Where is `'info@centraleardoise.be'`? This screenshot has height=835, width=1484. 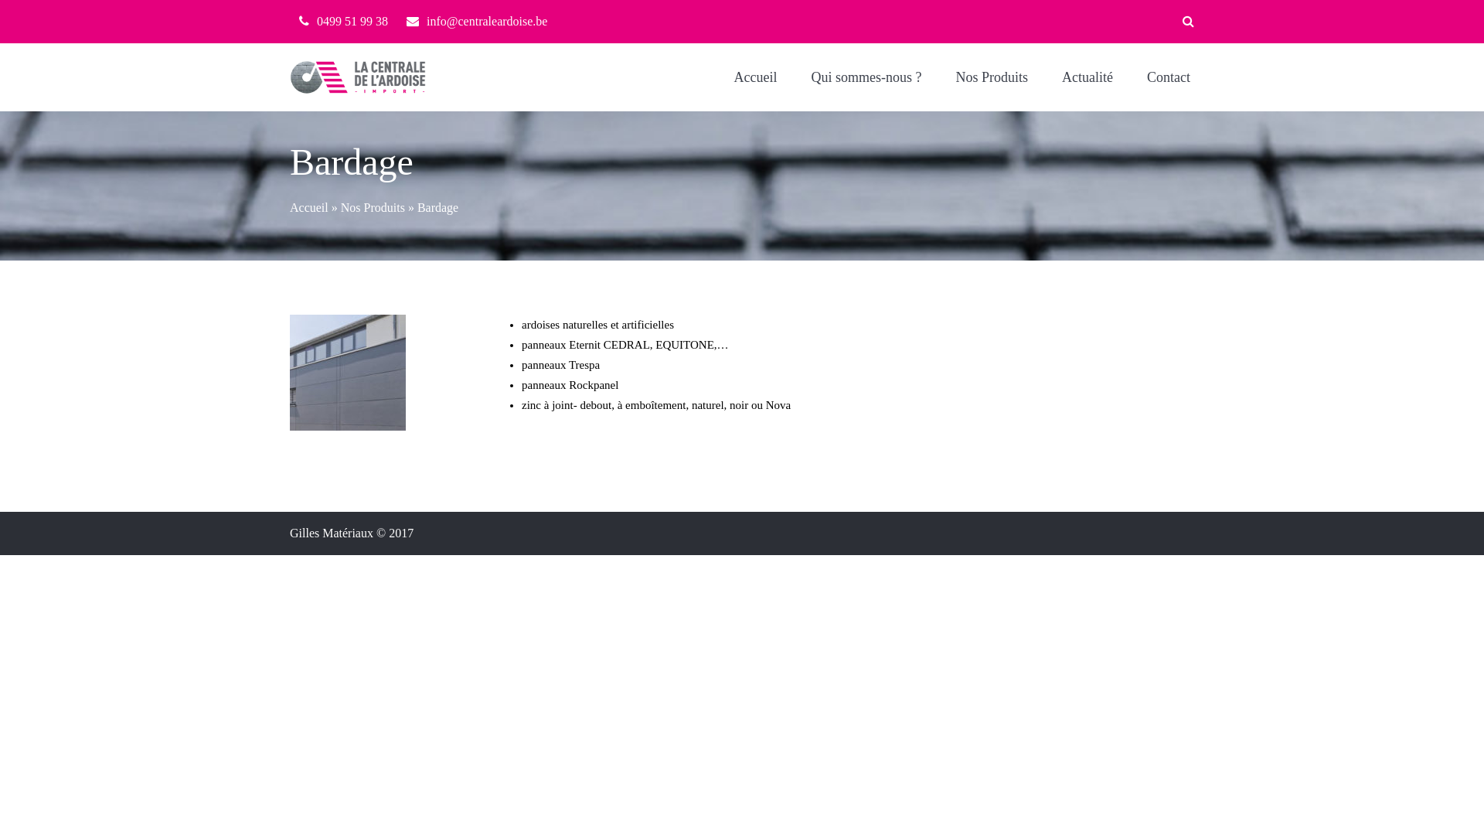
'info@centraleardoise.be' is located at coordinates (485, 21).